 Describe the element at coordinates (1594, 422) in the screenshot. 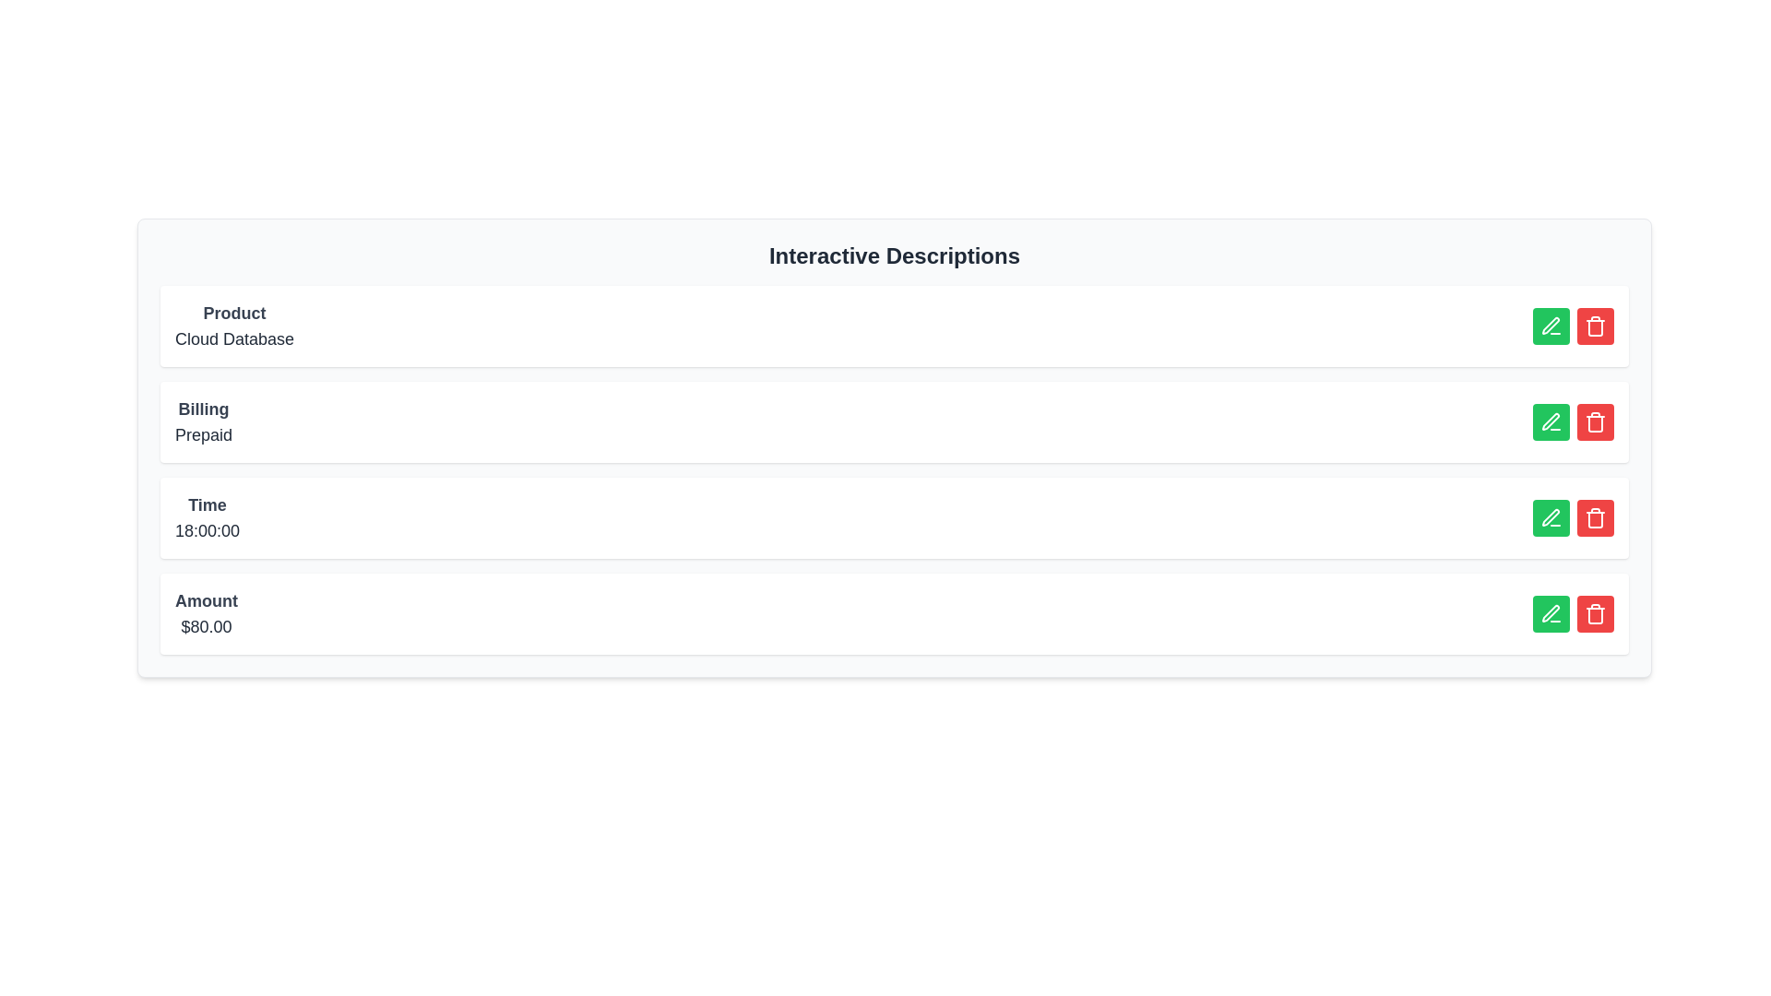

I see `the trash bin icon, which is an outlined design with rounded corners, located on the far right side of the interface within a red circular button` at that location.